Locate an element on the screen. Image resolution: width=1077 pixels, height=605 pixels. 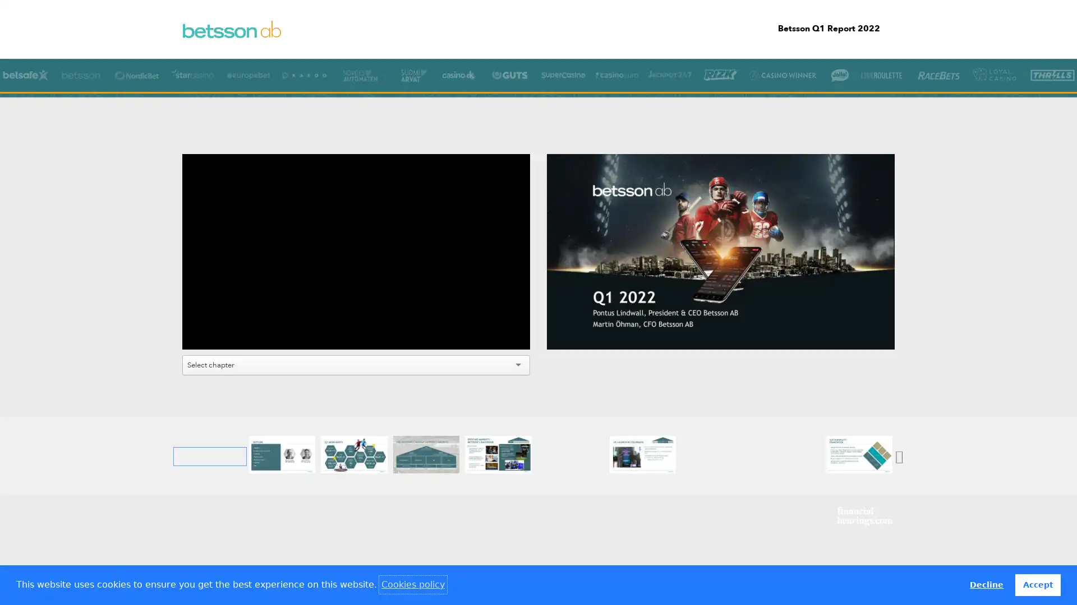
Mute is located at coordinates (215, 332).